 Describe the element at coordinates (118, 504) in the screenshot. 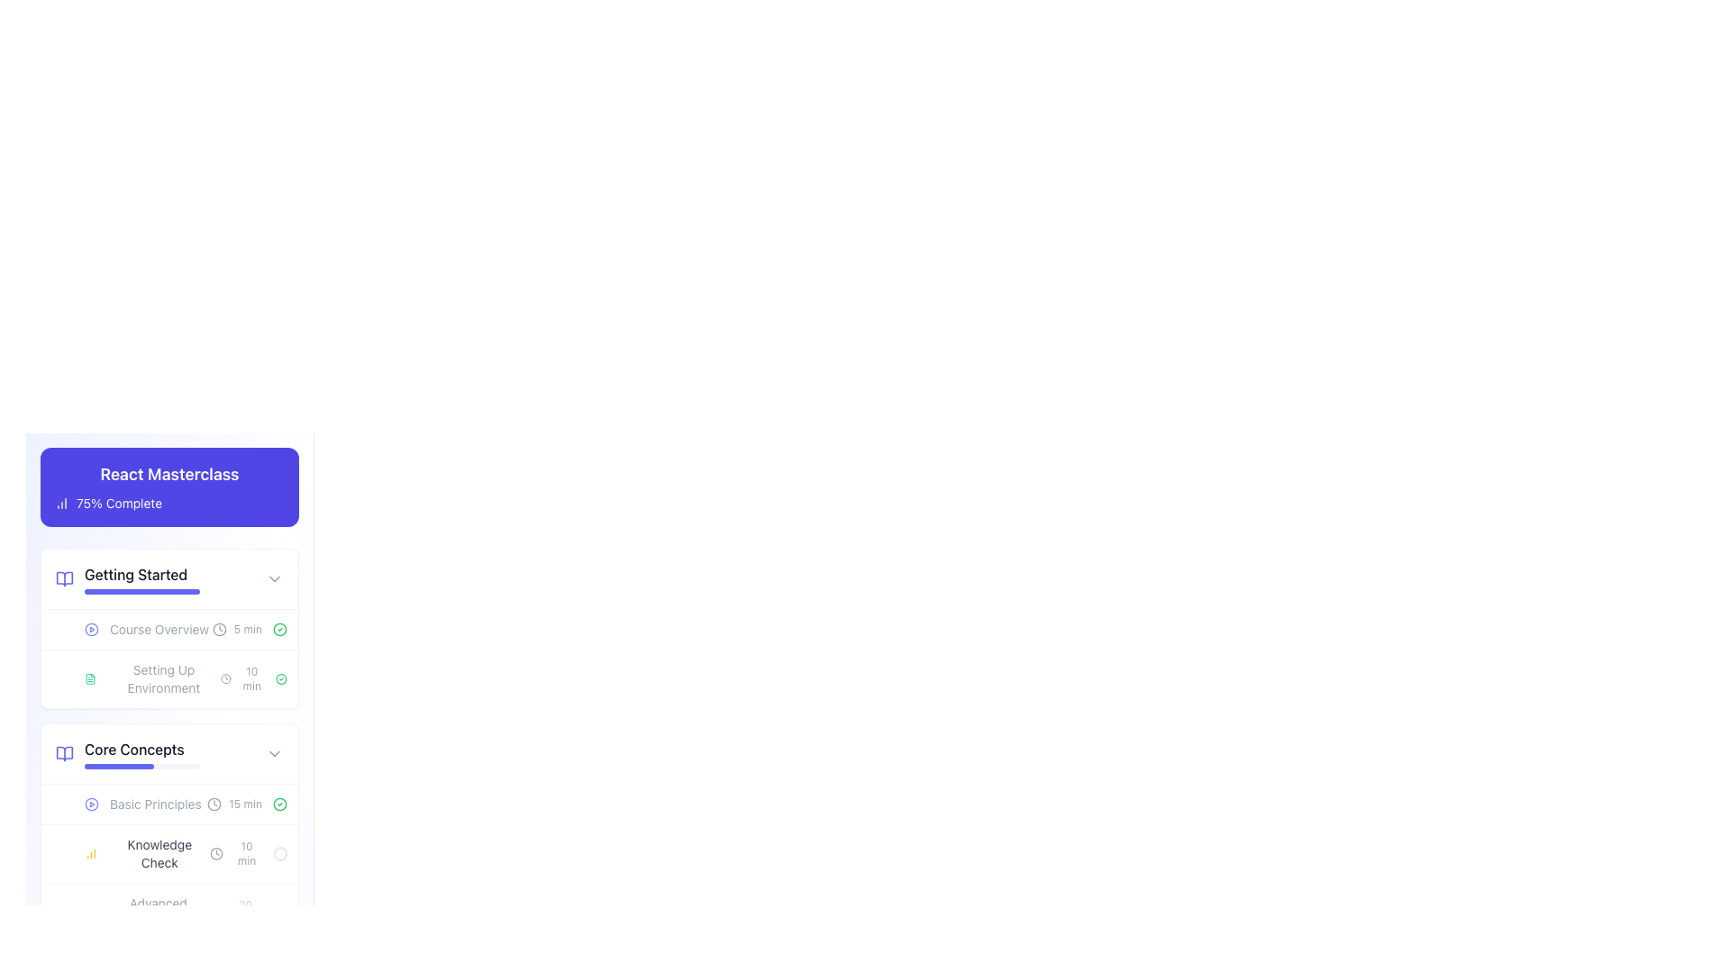

I see `progress information displayed in the text label indicating that the associated course or module is 75% complete, located near the title 'React Masterclass'` at that location.